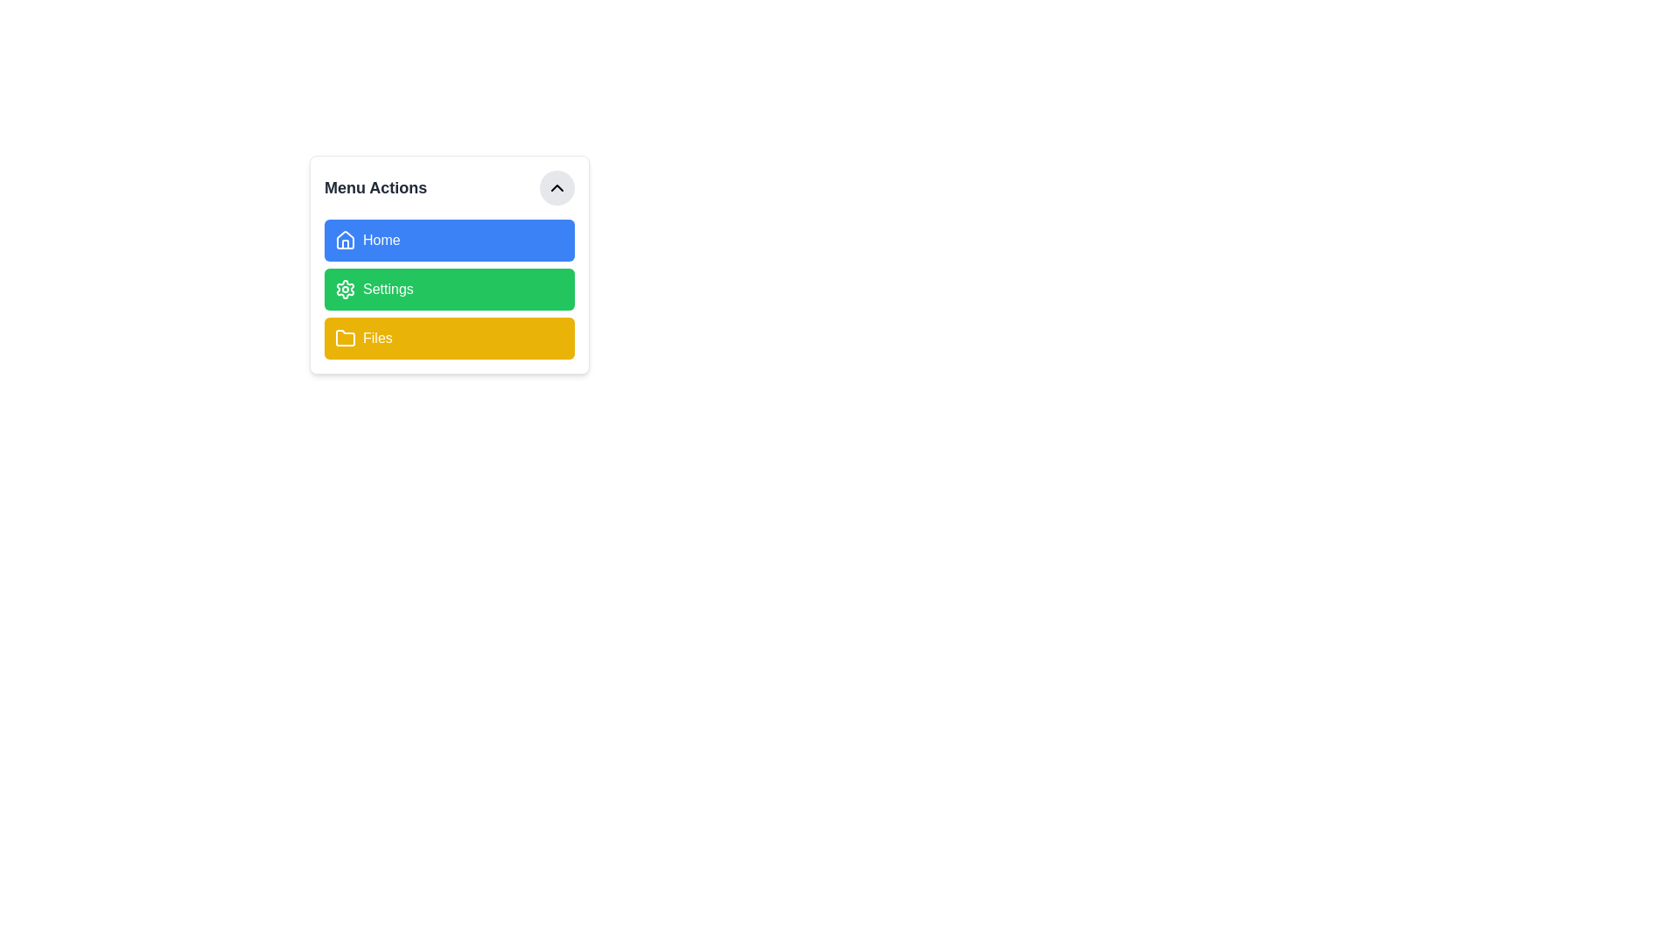 The height and width of the screenshot is (945, 1680). Describe the element at coordinates (556, 188) in the screenshot. I see `the upward-pointing chevron icon located within the rounded button at the top-right corner of the menu group` at that location.